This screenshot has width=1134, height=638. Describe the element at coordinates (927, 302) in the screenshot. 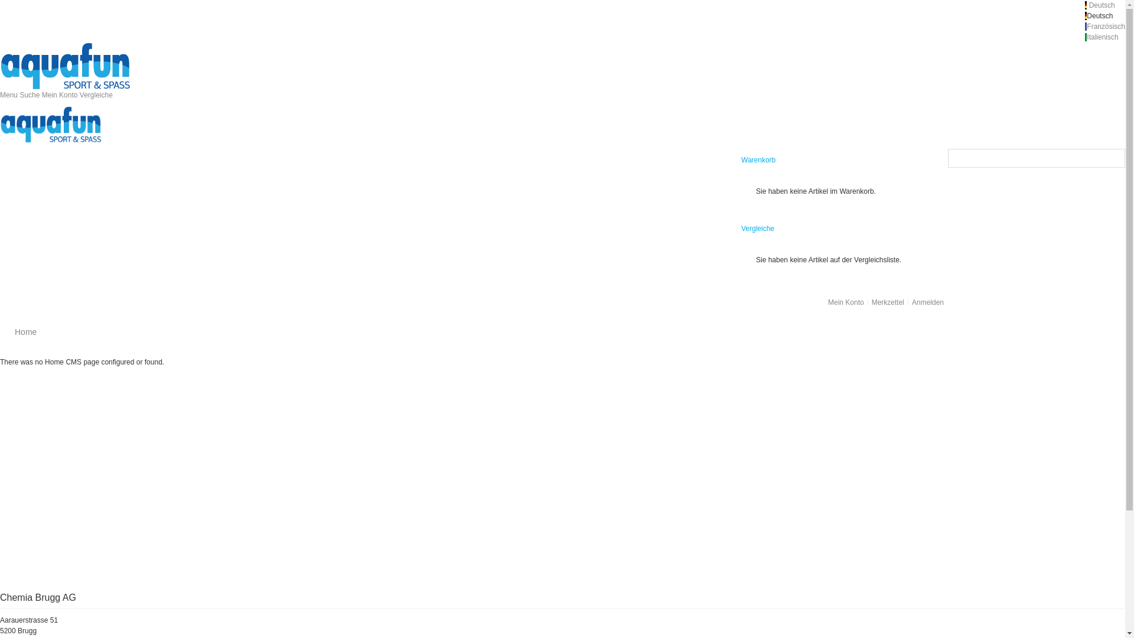

I see `'Anmelden'` at that location.